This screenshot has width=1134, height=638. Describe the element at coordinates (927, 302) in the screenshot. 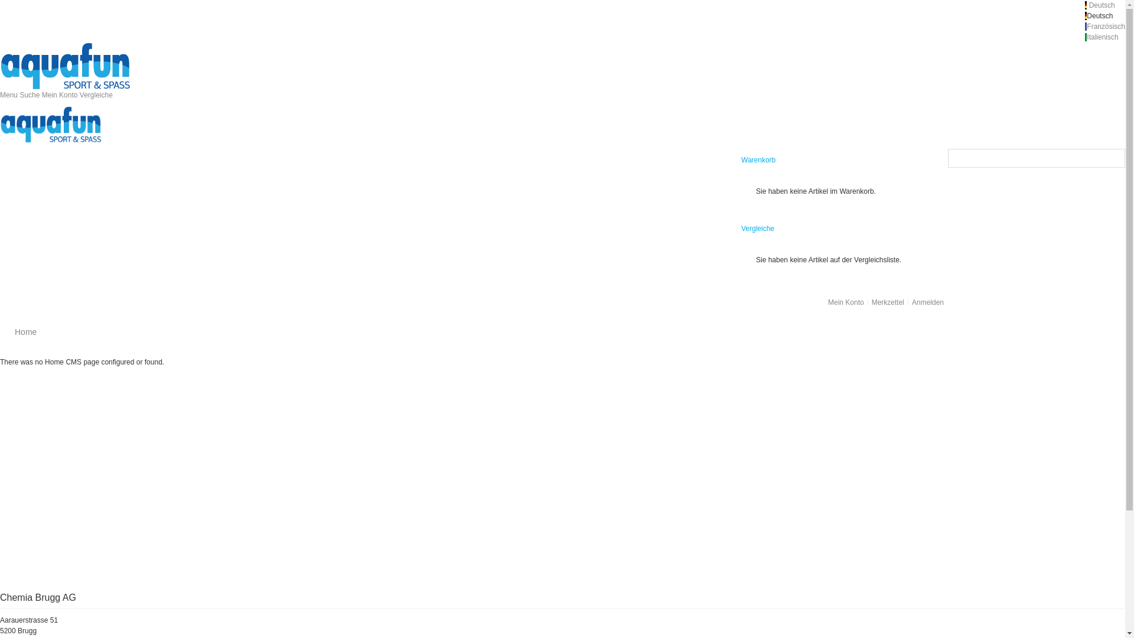

I see `'Anmelden'` at that location.